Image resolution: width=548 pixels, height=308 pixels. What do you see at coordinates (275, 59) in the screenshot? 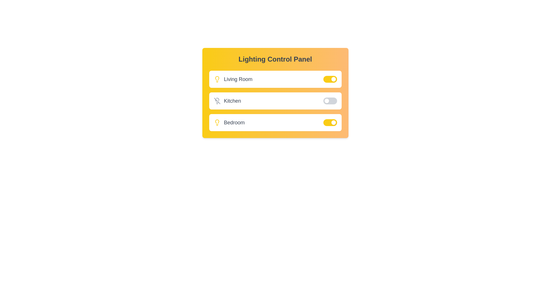
I see `the text of the panel's title for copying` at bounding box center [275, 59].